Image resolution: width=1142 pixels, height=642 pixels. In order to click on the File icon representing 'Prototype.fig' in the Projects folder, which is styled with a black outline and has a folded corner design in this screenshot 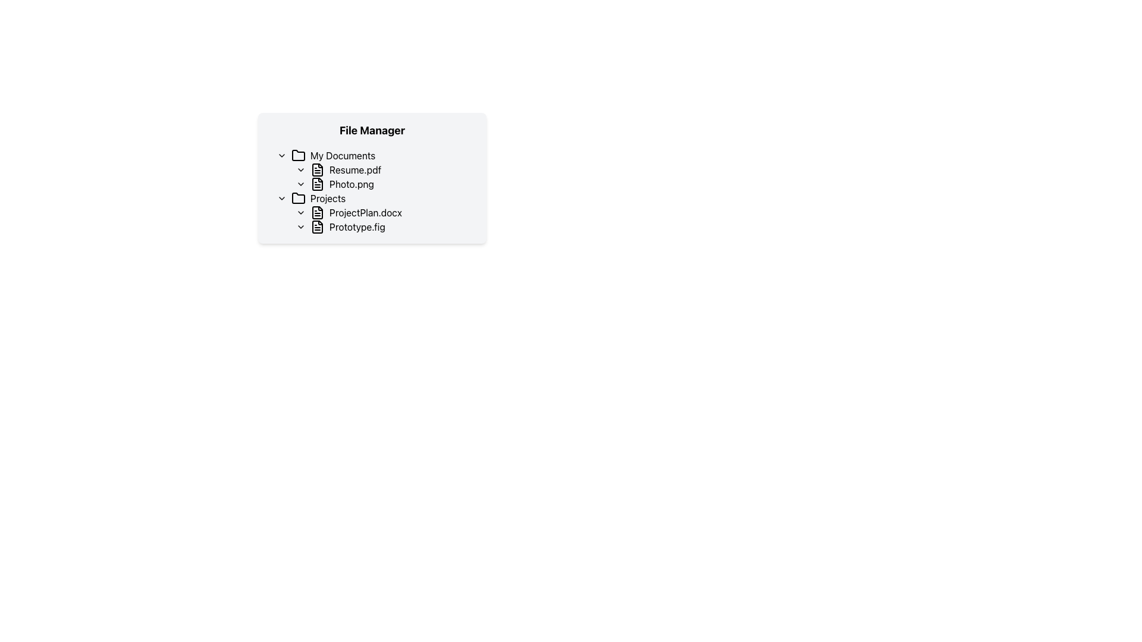, I will do `click(317, 226)`.